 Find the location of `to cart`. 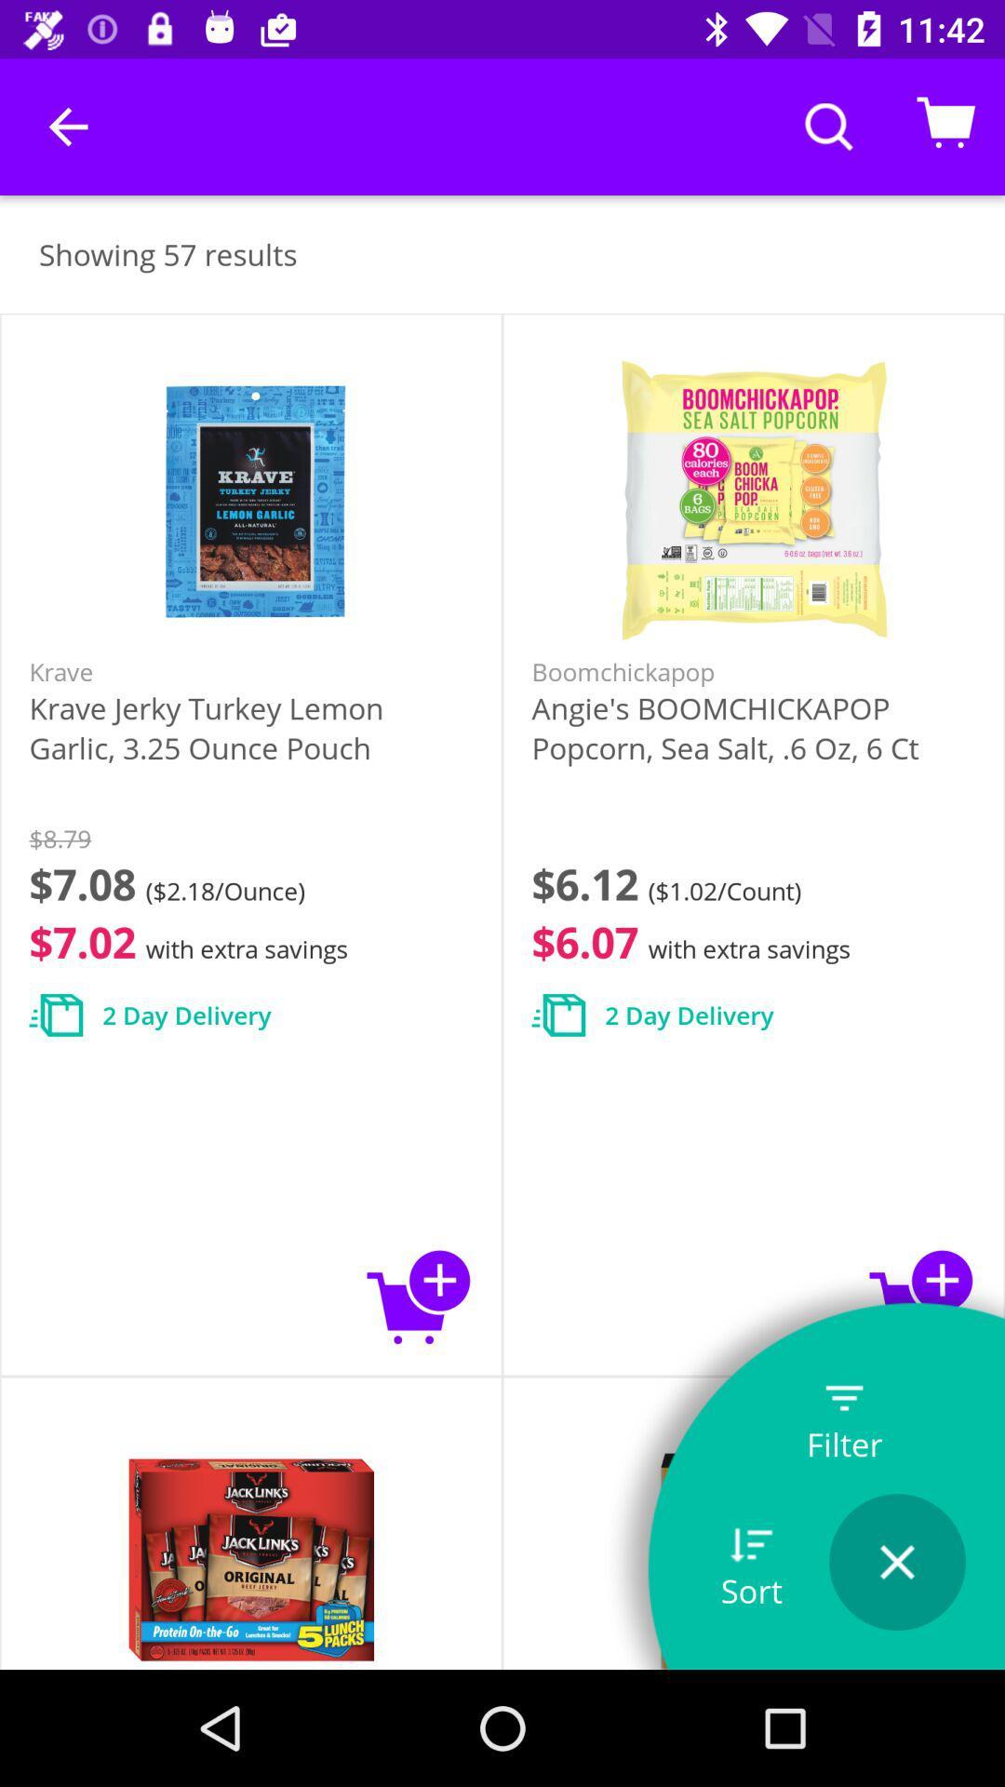

to cart is located at coordinates (420, 1296).